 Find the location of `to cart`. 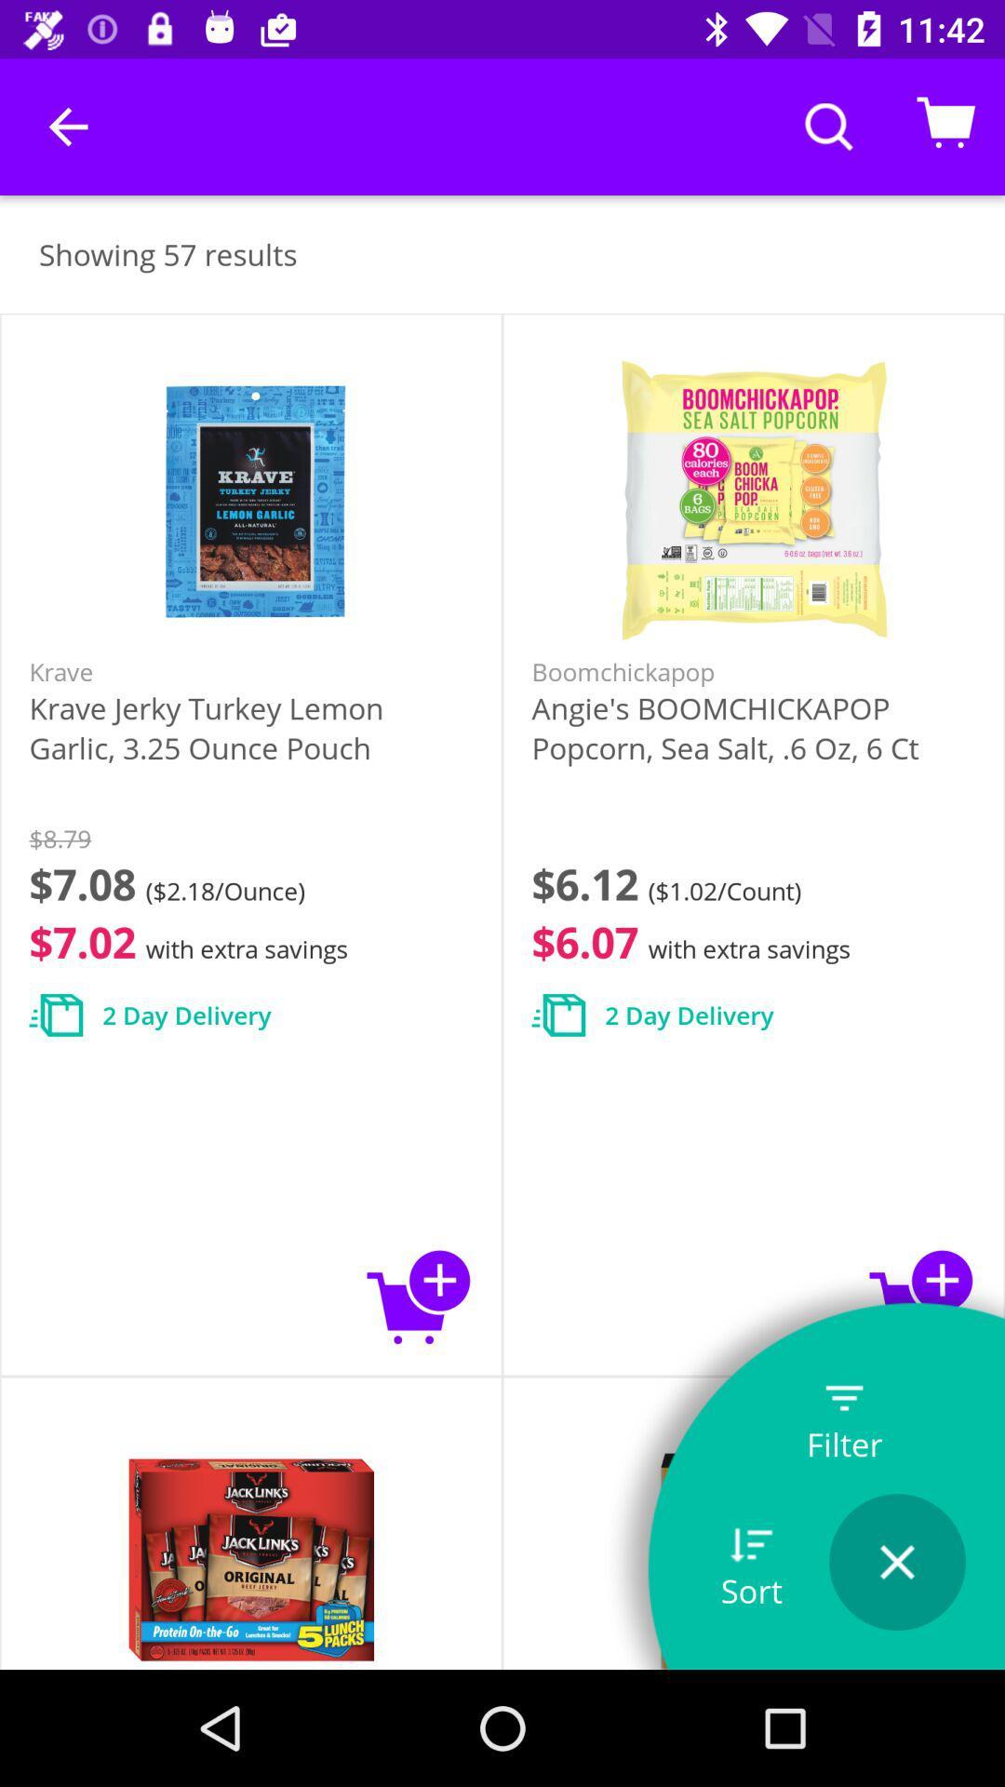

to cart is located at coordinates (420, 1296).